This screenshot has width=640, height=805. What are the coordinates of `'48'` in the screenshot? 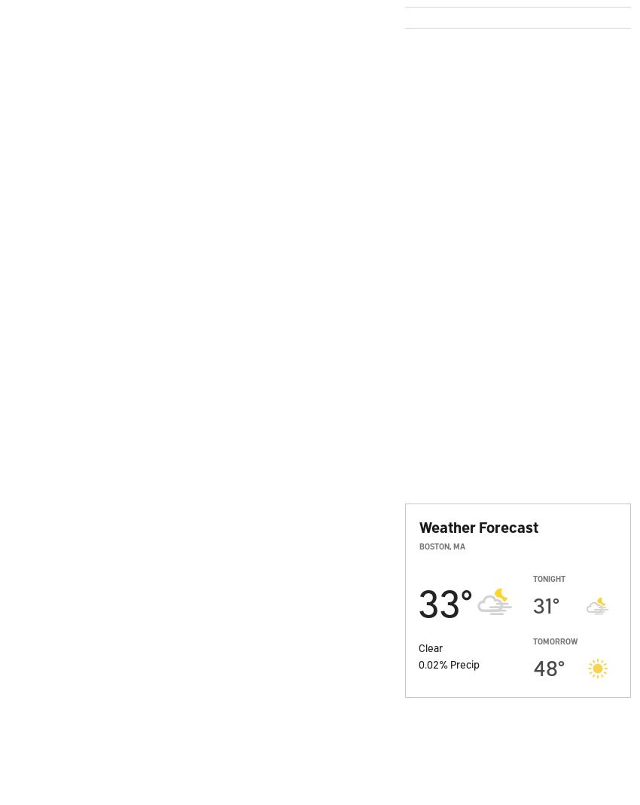 It's located at (532, 666).